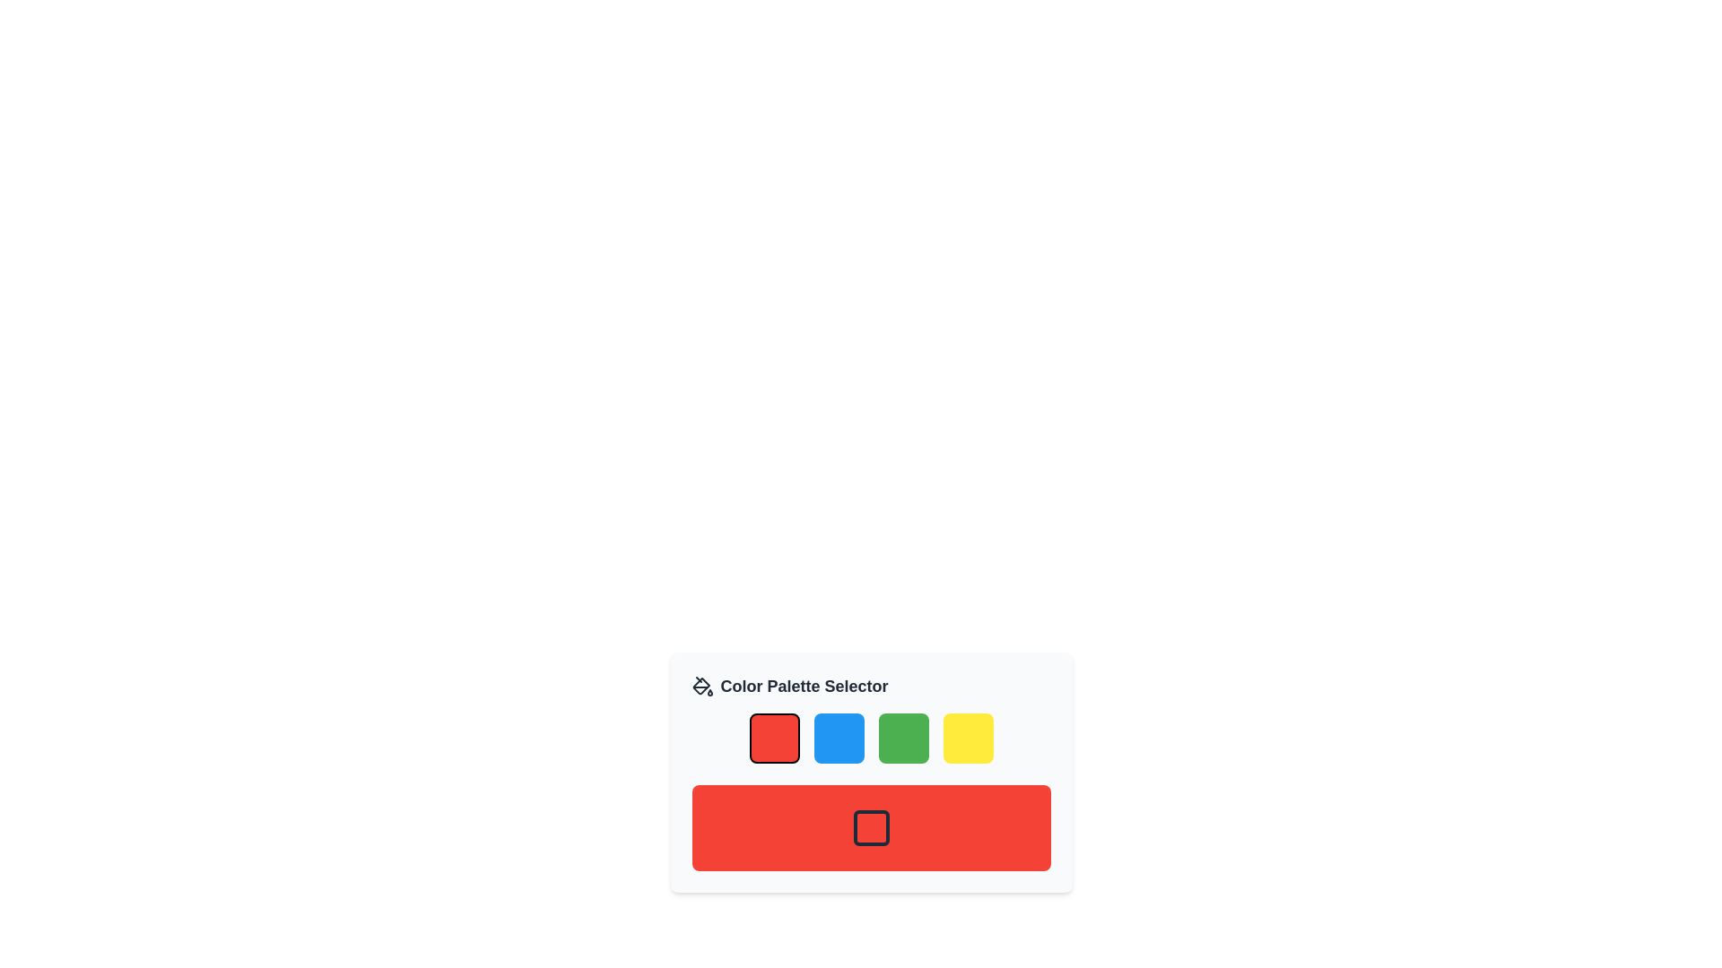 Image resolution: width=1722 pixels, height=968 pixels. I want to click on any of the colored square buttons in the Color Palette Selector, so click(871, 739).